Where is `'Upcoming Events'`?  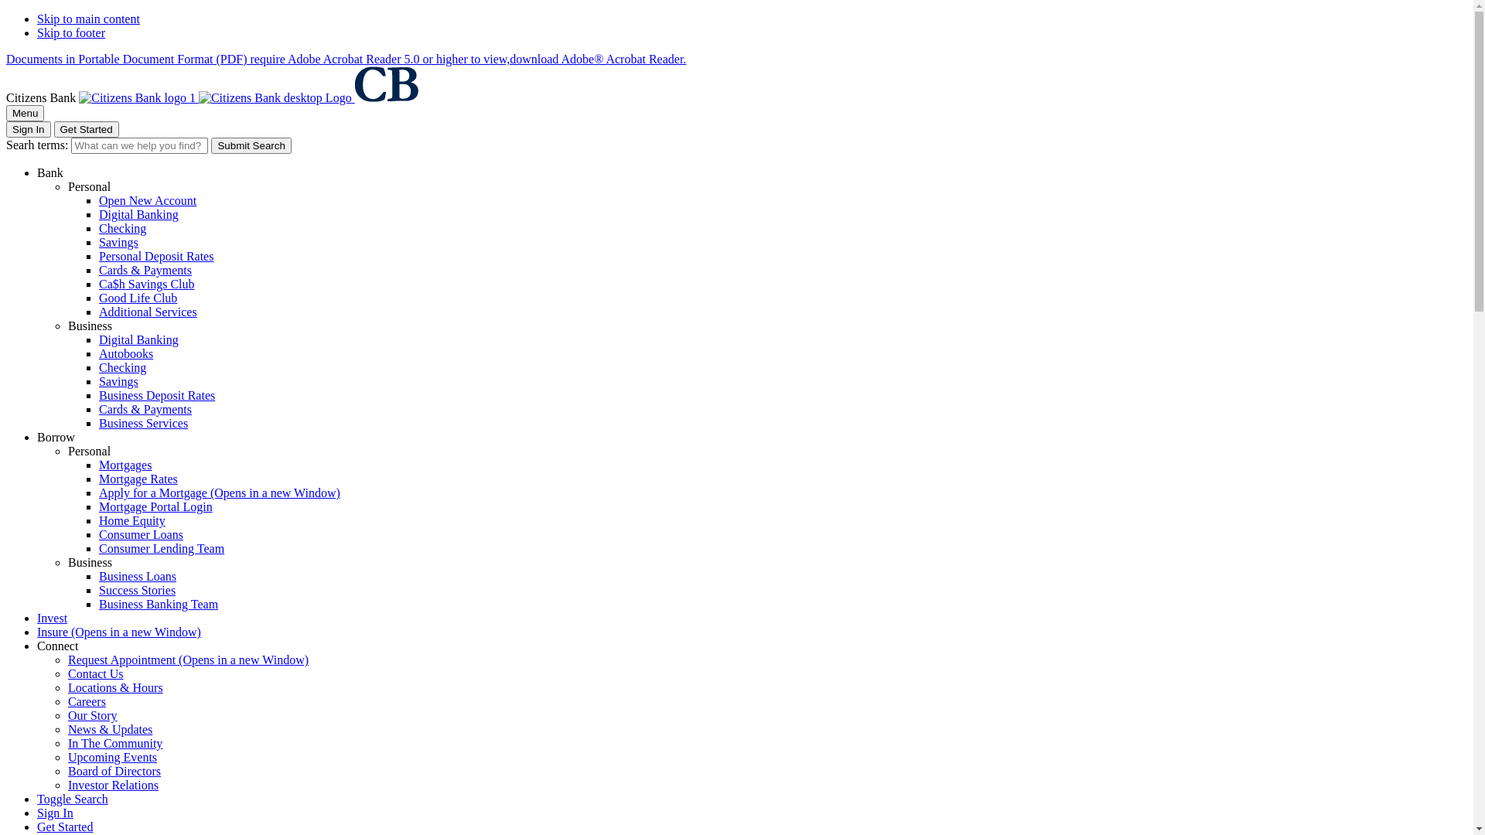 'Upcoming Events' is located at coordinates (111, 756).